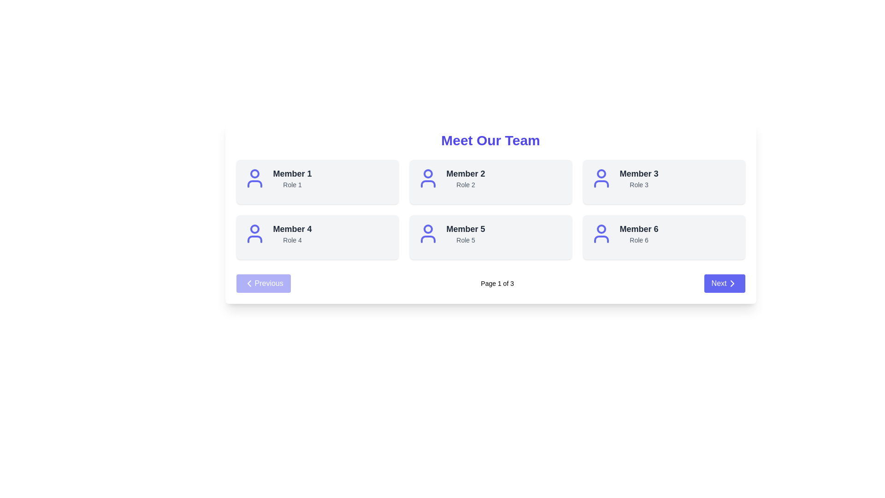 Image resolution: width=885 pixels, height=498 pixels. I want to click on the 'Member 1' text label in the top-left corner of the 'Meet Our Team' grid layout, so click(292, 174).